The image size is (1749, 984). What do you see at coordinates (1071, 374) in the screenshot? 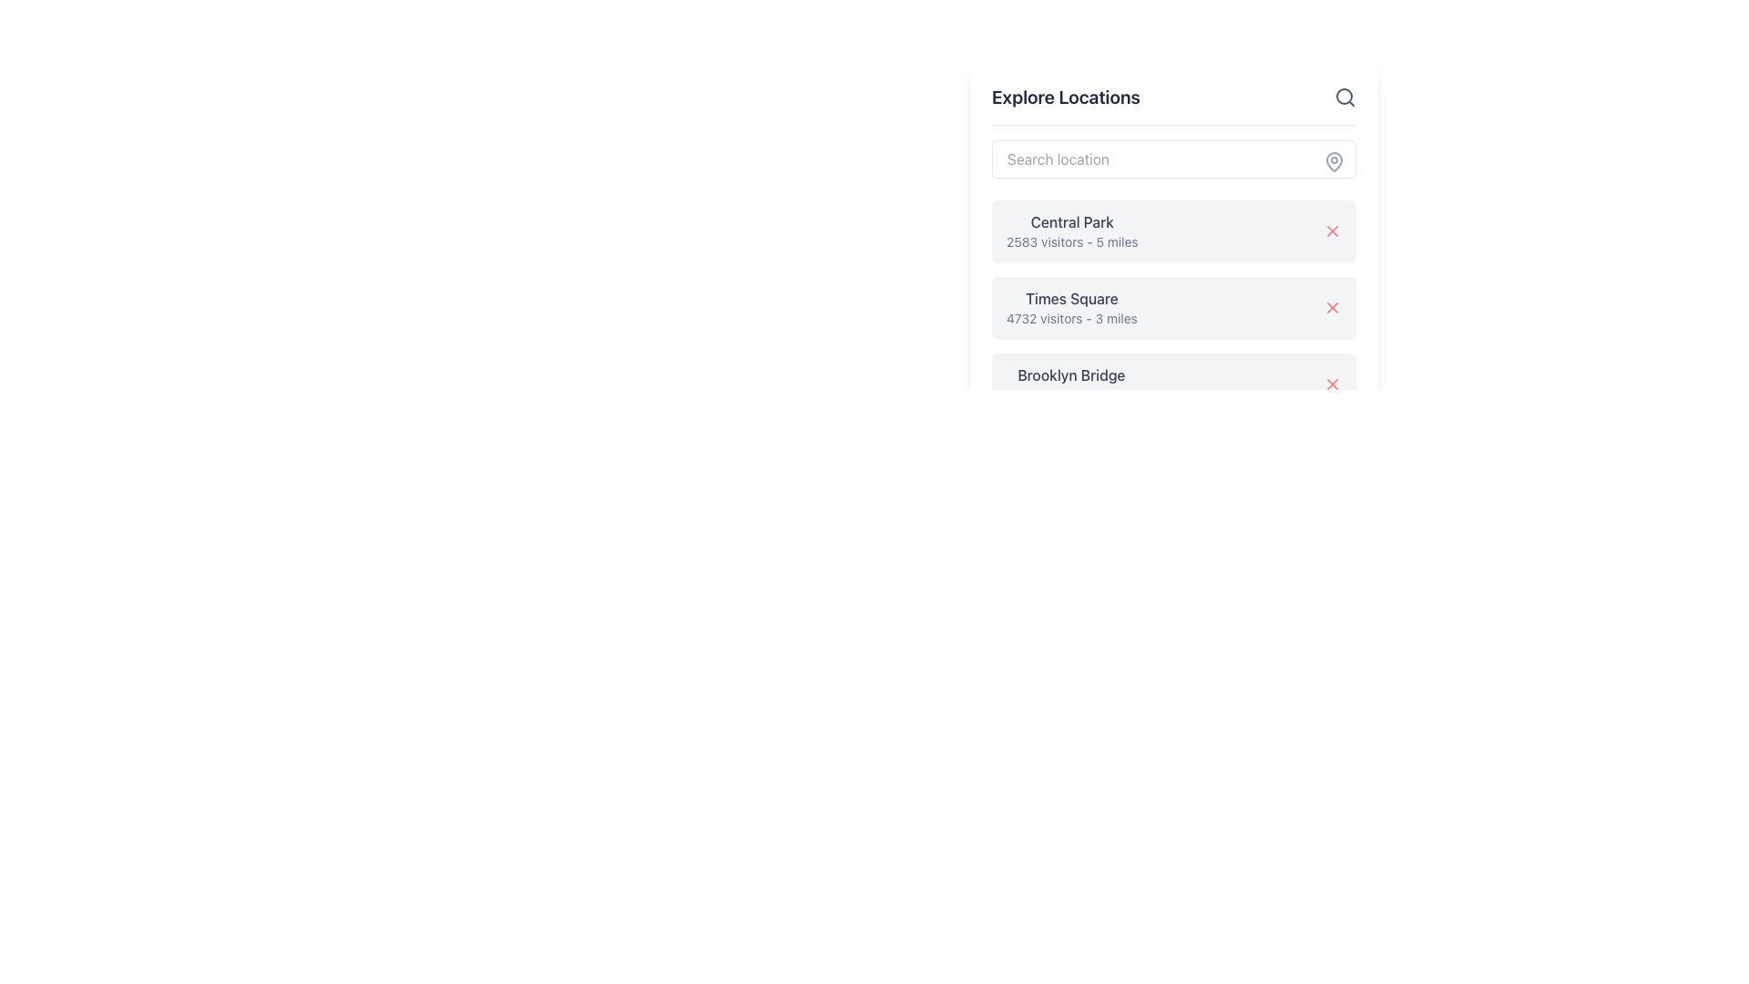
I see `text of the label displaying the location title 'Brooklyn Bridge', which is centrally positioned in the geographical locations list` at bounding box center [1071, 374].